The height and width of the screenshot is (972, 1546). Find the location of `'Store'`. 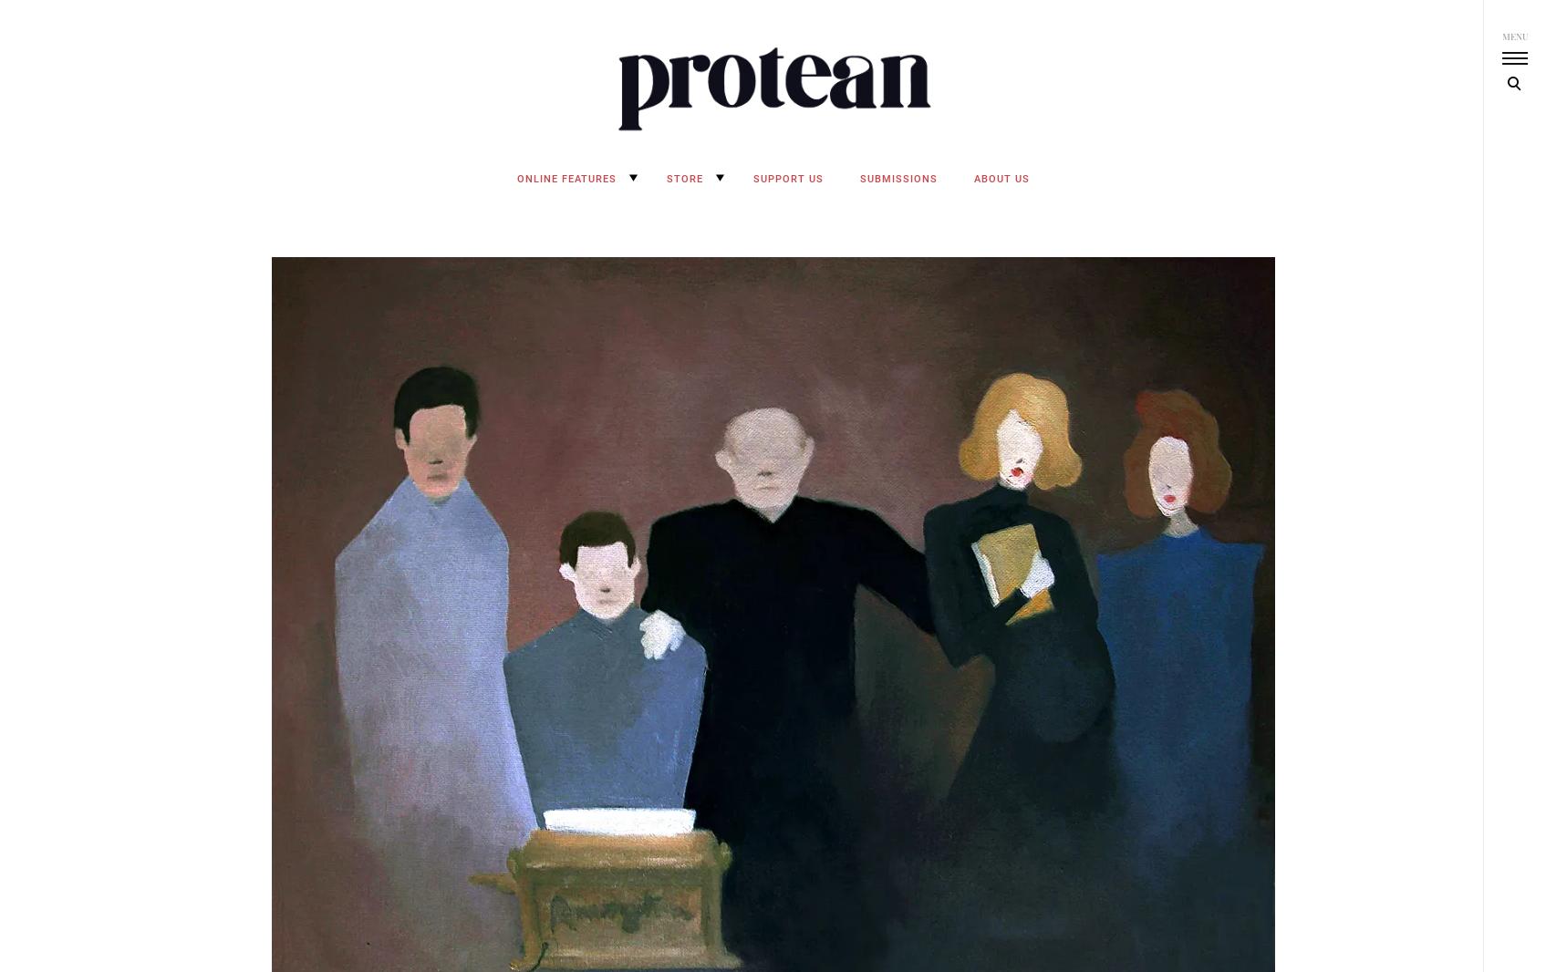

'Store' is located at coordinates (683, 178).